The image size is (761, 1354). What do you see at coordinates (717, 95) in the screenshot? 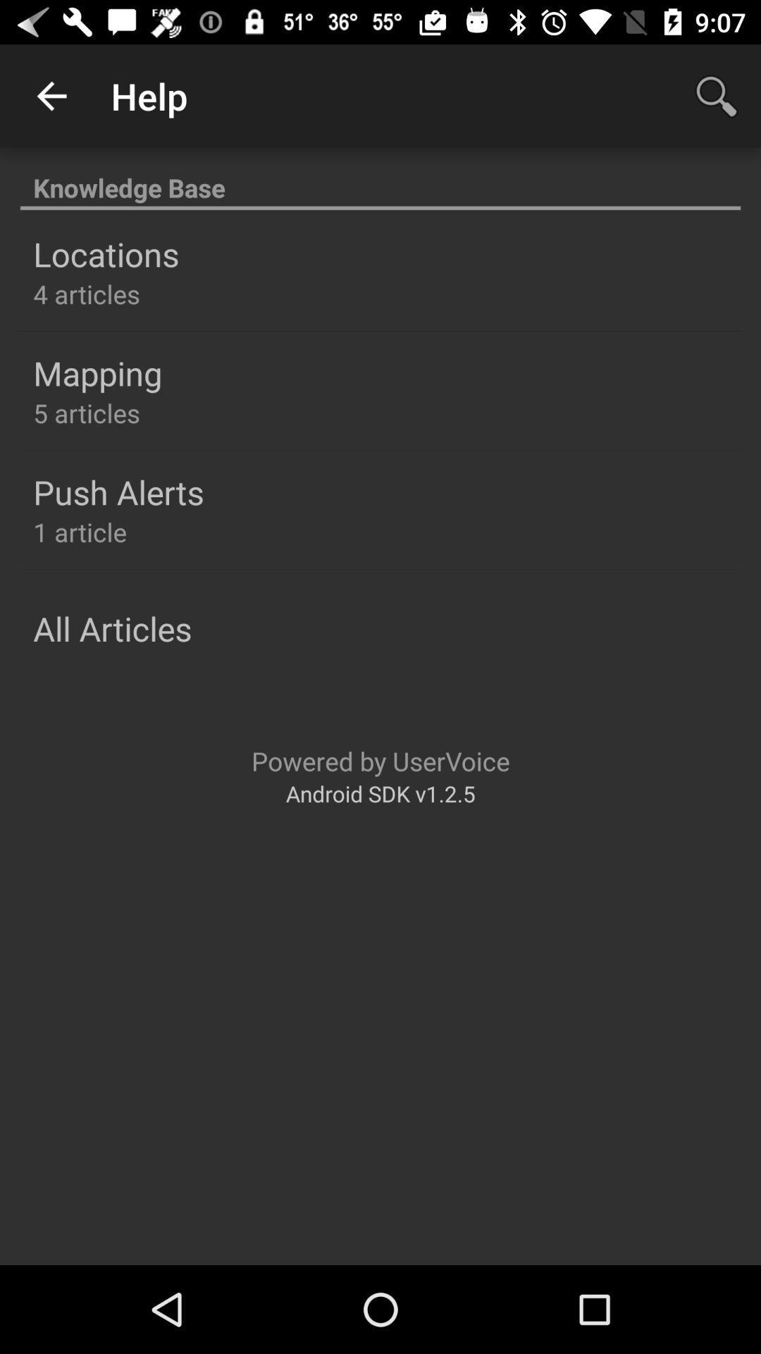
I see `the item next to the help icon` at bounding box center [717, 95].